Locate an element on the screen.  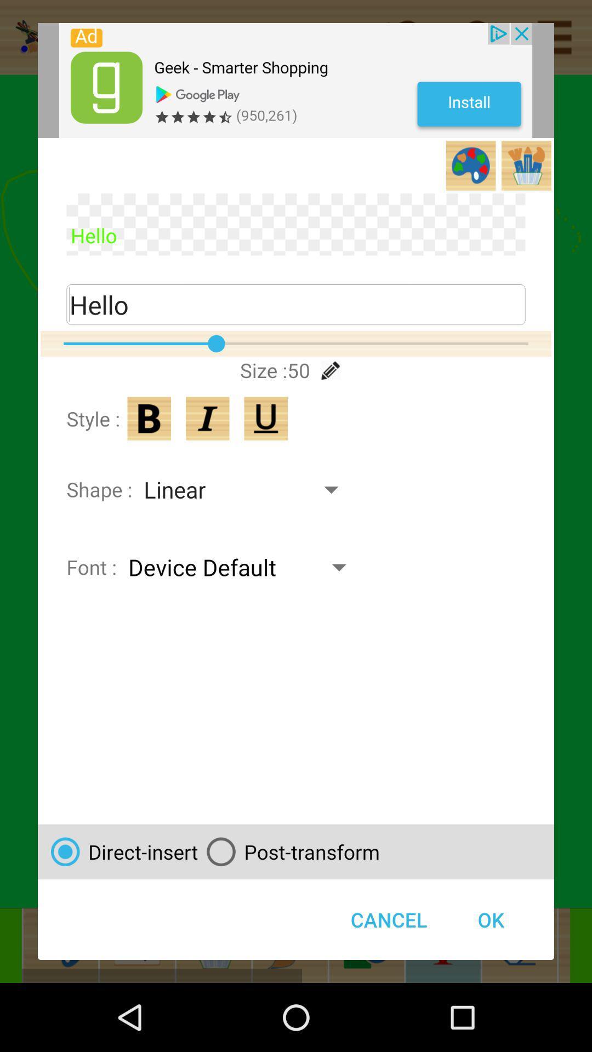
bold text is located at coordinates (149, 418).